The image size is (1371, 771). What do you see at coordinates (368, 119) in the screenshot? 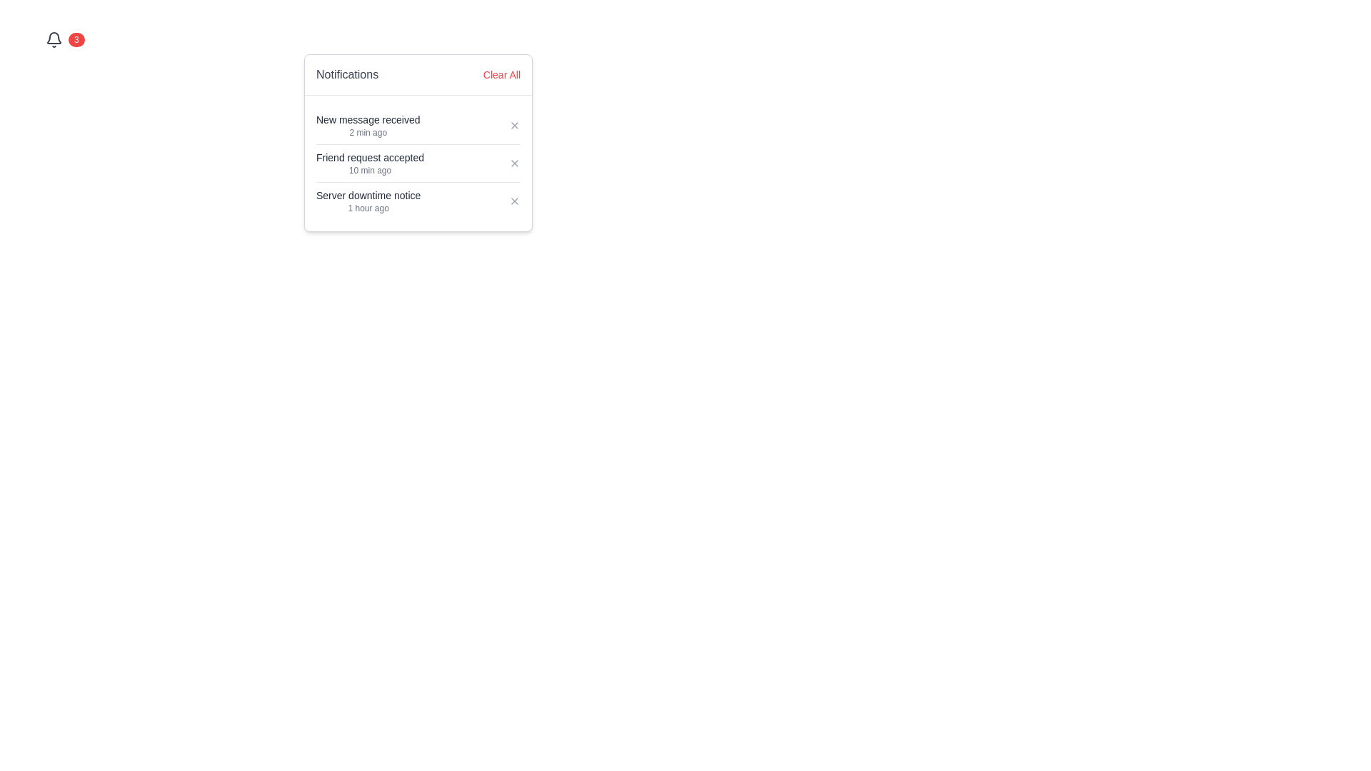
I see `text content of the notification title displayed in the uppermost position of the notification entry in the 'Notifications' panel` at bounding box center [368, 119].